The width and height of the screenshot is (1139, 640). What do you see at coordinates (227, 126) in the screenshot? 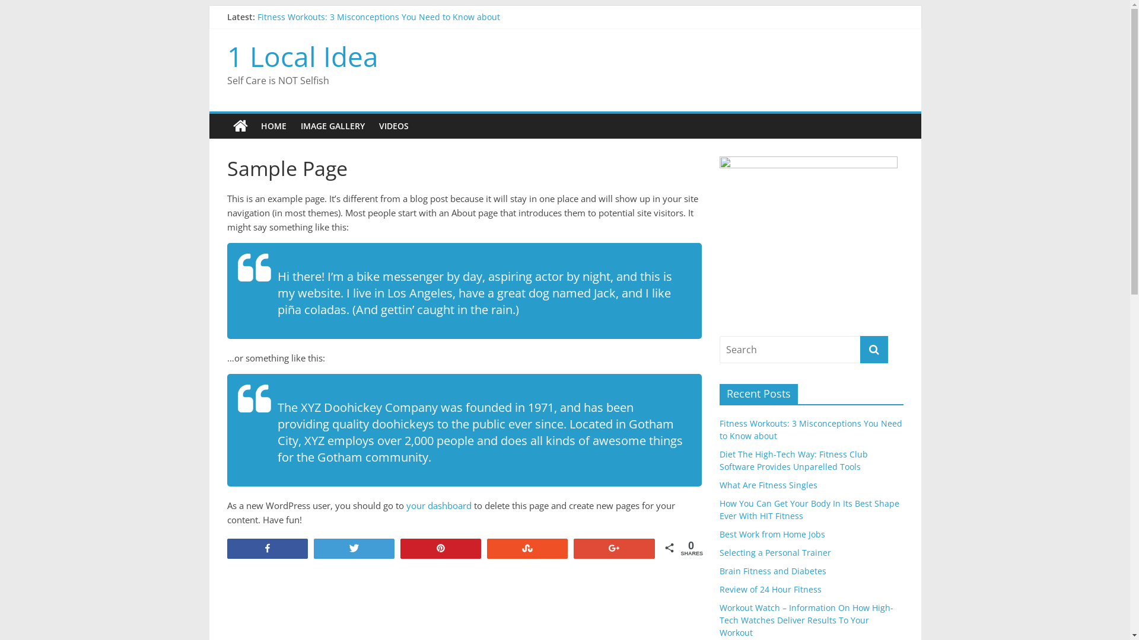
I see `'1 Local Idea'` at bounding box center [227, 126].